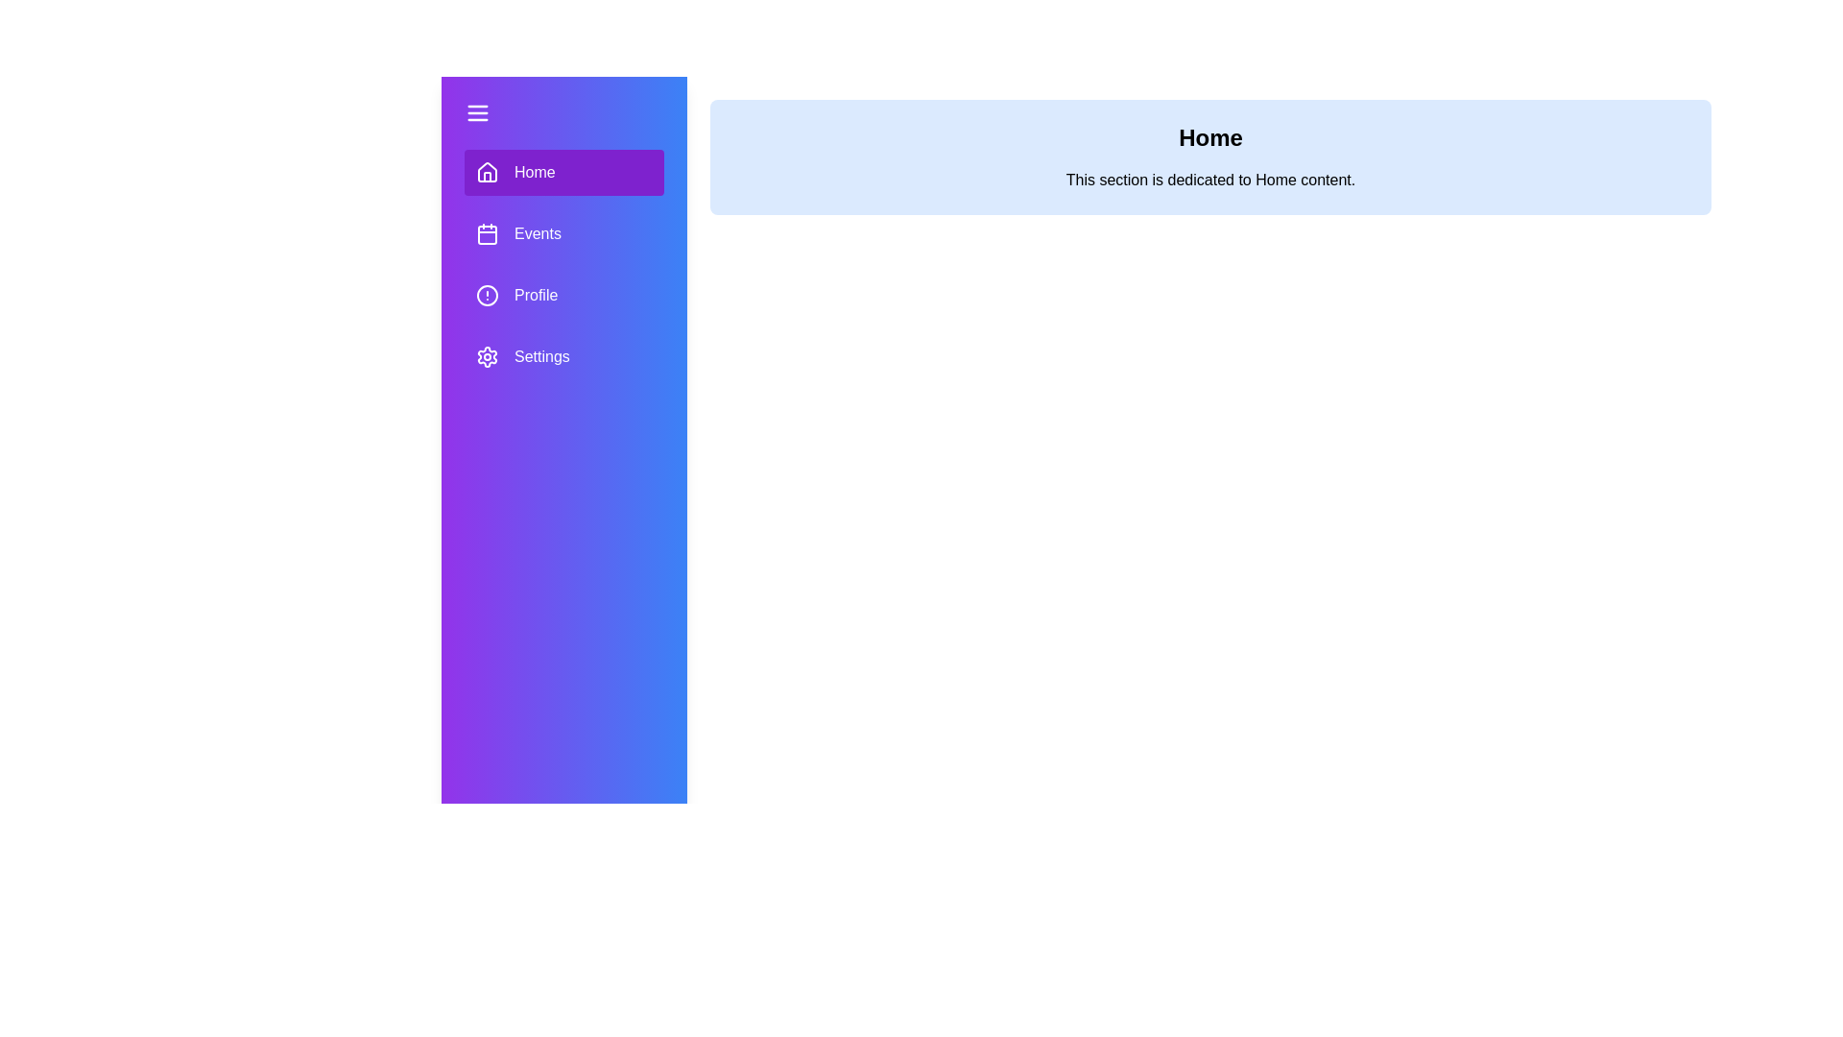 The width and height of the screenshot is (1843, 1037). I want to click on the Profile icon in the vertical navigation bar, which features a circular outline with a vertical line and a dot below it, located to the left of the text 'Profile', so click(488, 296).